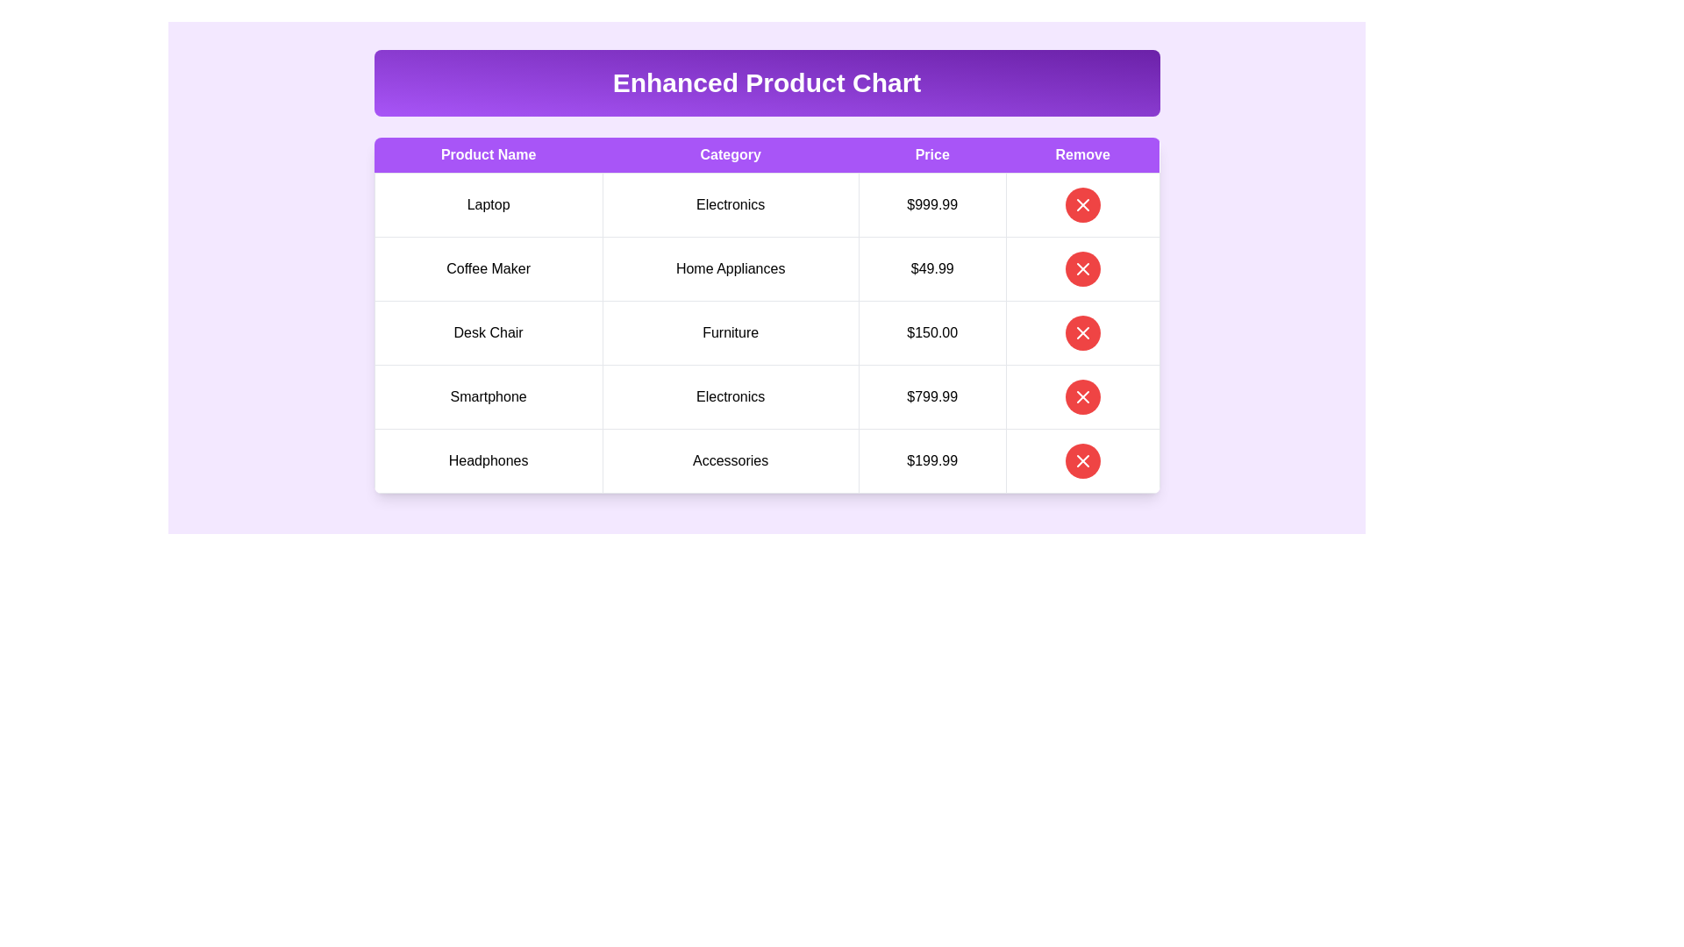  I want to click on the white 'X' icon button with a rounded red background located in the second row of the table under the 'Remove' column, directly to the right of the price '$49.99', to invoke the remove action, so click(1081, 269).